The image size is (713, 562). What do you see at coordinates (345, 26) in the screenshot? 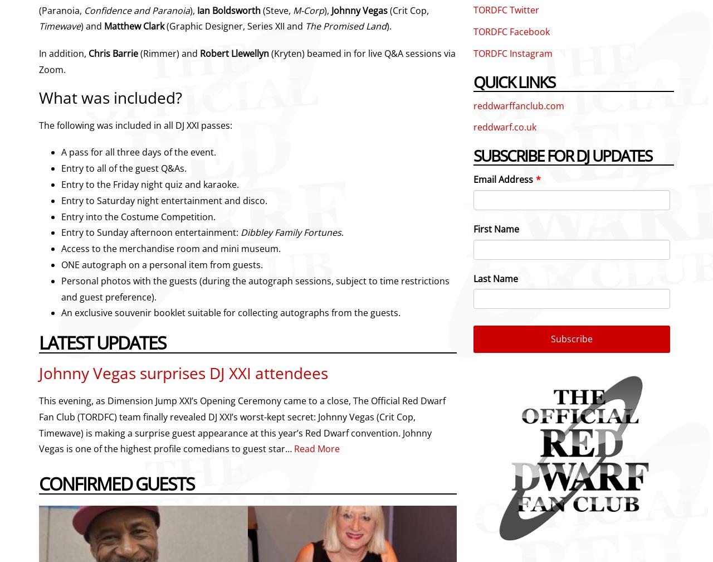
I see `'The Promised Land'` at bounding box center [345, 26].